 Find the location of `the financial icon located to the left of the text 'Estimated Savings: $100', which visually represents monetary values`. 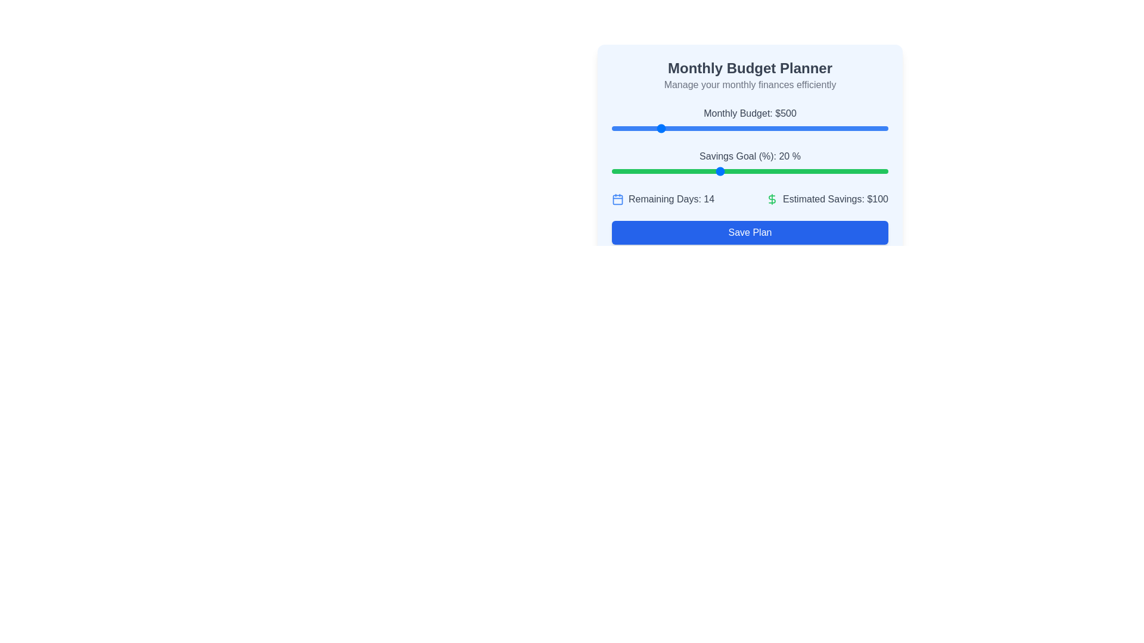

the financial icon located to the left of the text 'Estimated Savings: $100', which visually represents monetary values is located at coordinates (772, 199).